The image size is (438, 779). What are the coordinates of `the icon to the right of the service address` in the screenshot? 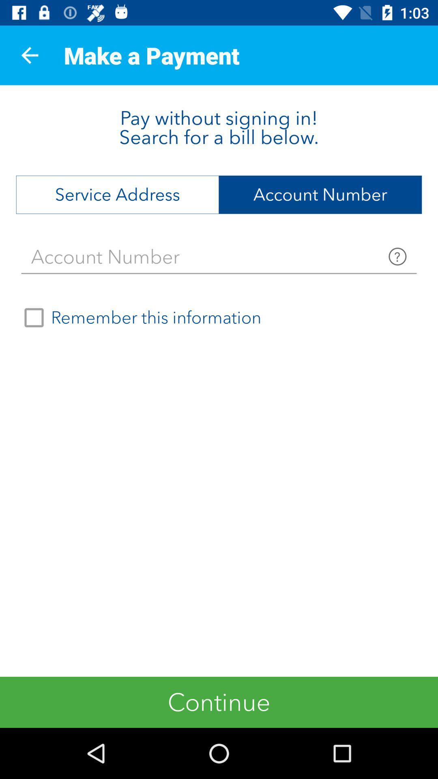 It's located at (320, 195).